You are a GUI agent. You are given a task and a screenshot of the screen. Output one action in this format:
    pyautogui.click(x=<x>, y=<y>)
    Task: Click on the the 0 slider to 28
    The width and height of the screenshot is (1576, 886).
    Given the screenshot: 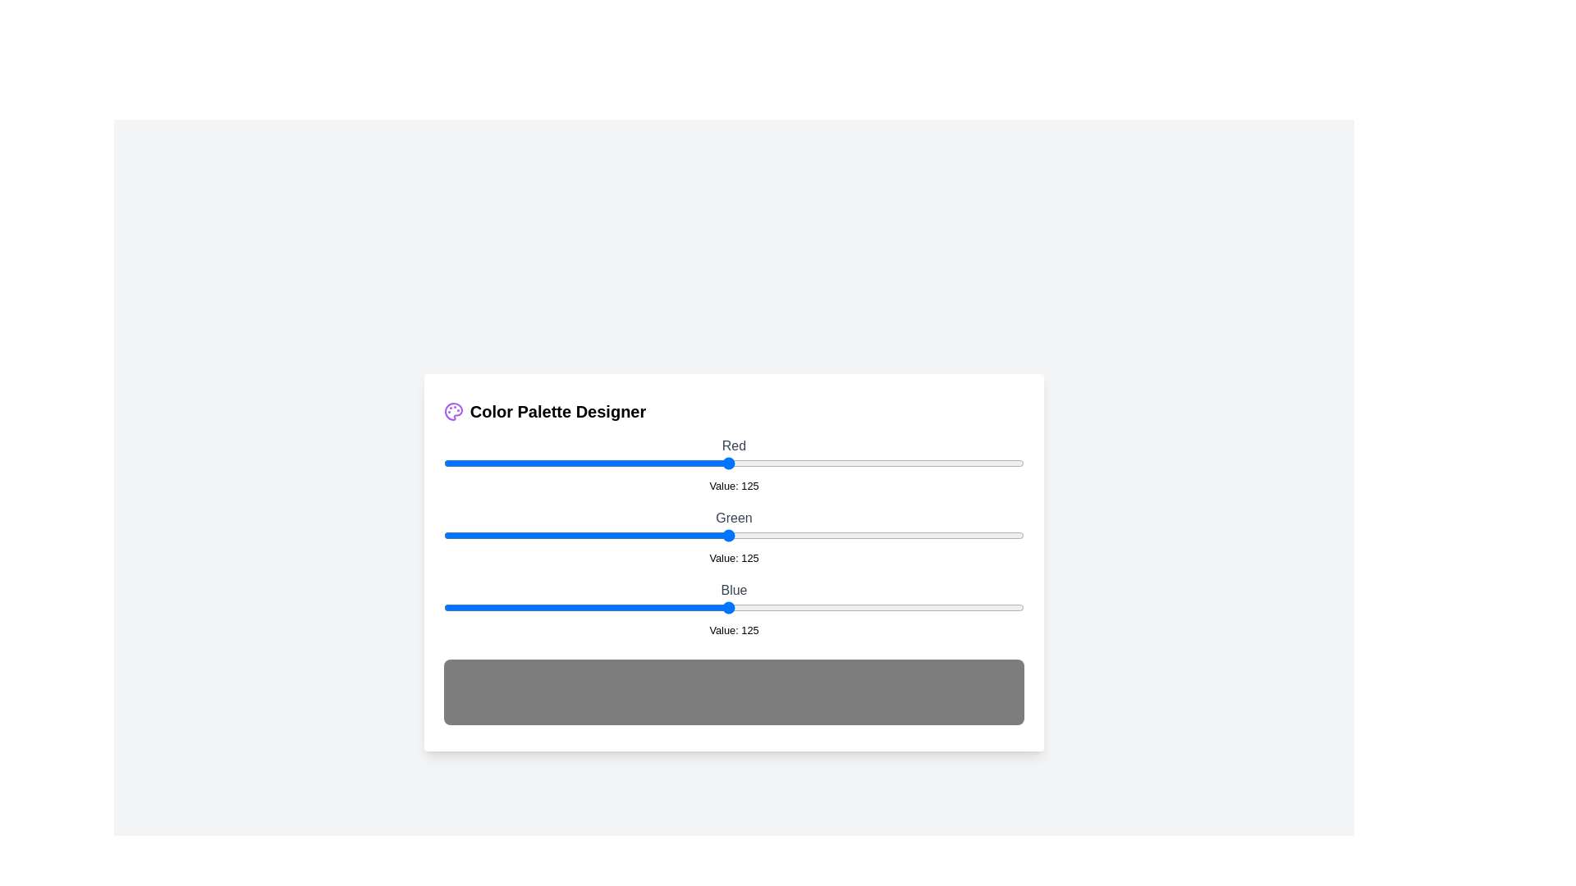 What is the action you would take?
    pyautogui.click(x=506, y=463)
    